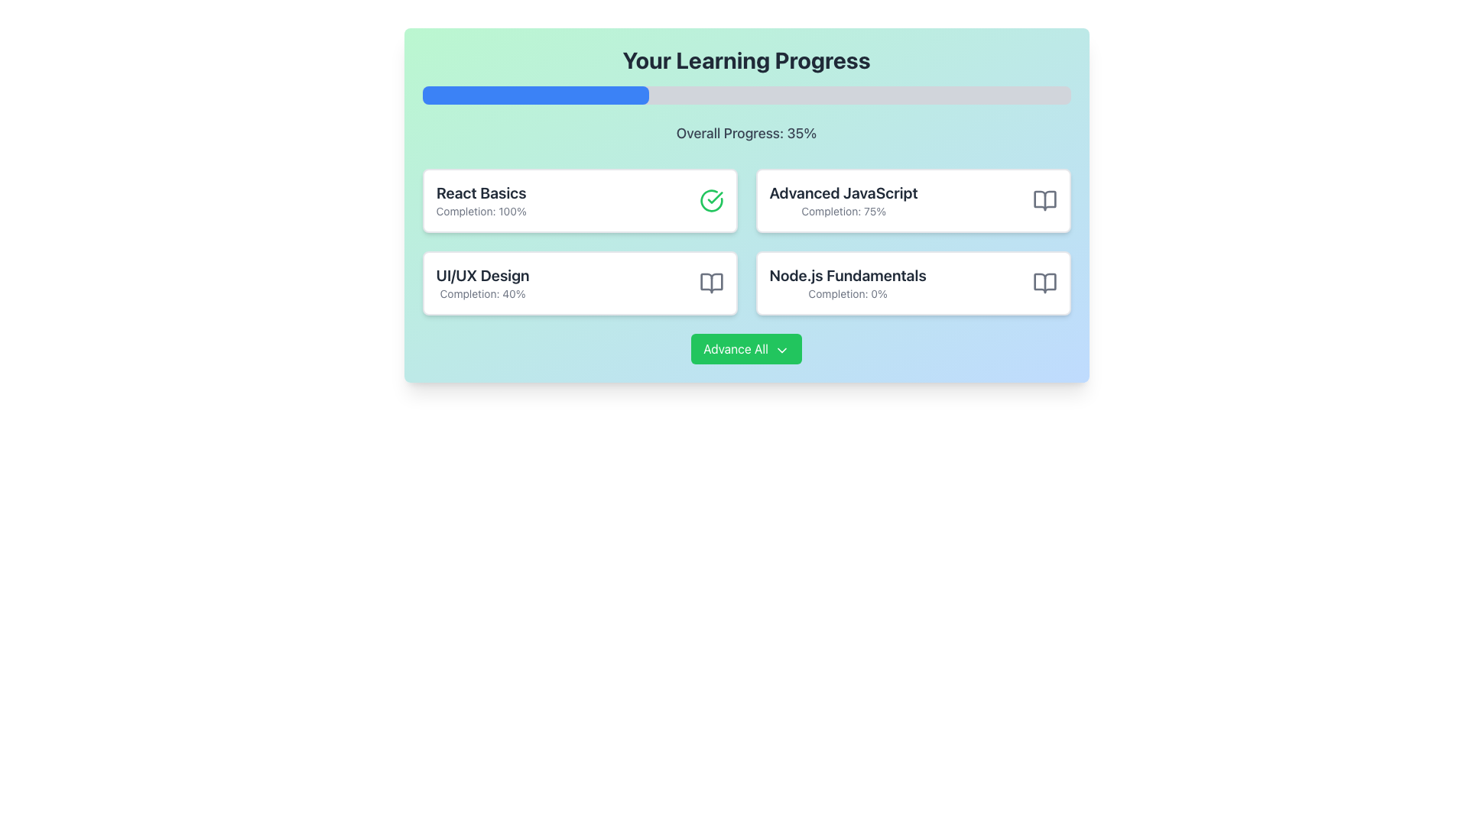 The width and height of the screenshot is (1468, 825). I want to click on text label displaying 'Completion: 0%' located in the bottom-right section of the learning modules grid, so click(847, 294).